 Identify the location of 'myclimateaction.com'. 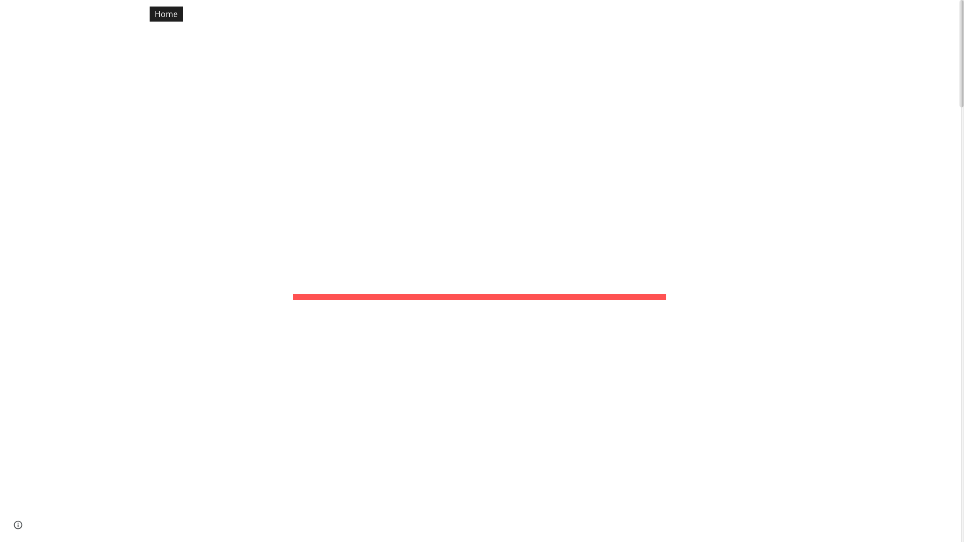
(8, 12).